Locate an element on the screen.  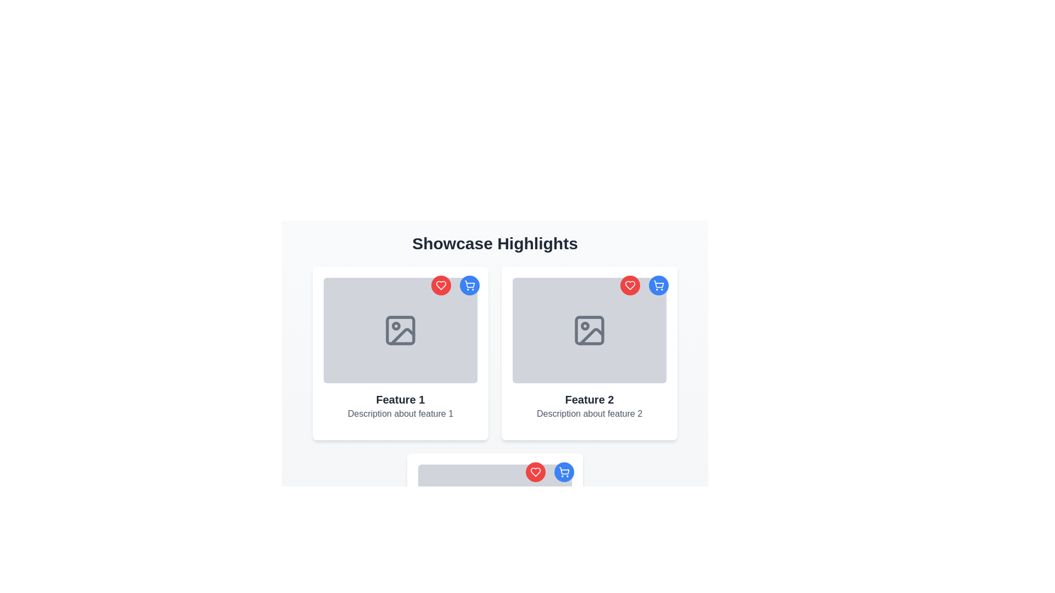
the heart-shaped red icon is located at coordinates (630, 285).